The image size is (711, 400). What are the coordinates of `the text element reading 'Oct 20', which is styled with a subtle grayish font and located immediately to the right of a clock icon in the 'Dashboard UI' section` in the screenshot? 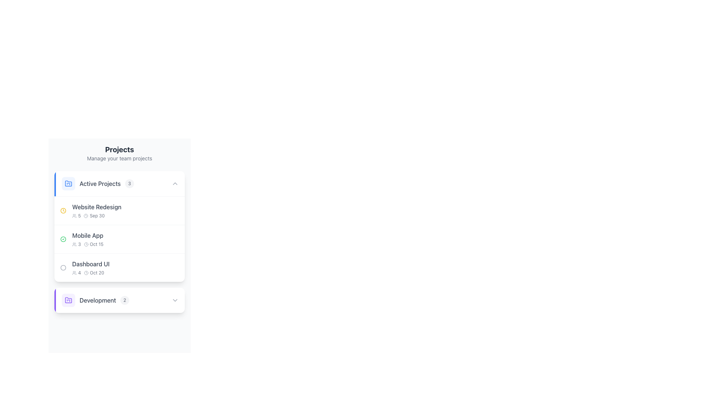 It's located at (90, 273).